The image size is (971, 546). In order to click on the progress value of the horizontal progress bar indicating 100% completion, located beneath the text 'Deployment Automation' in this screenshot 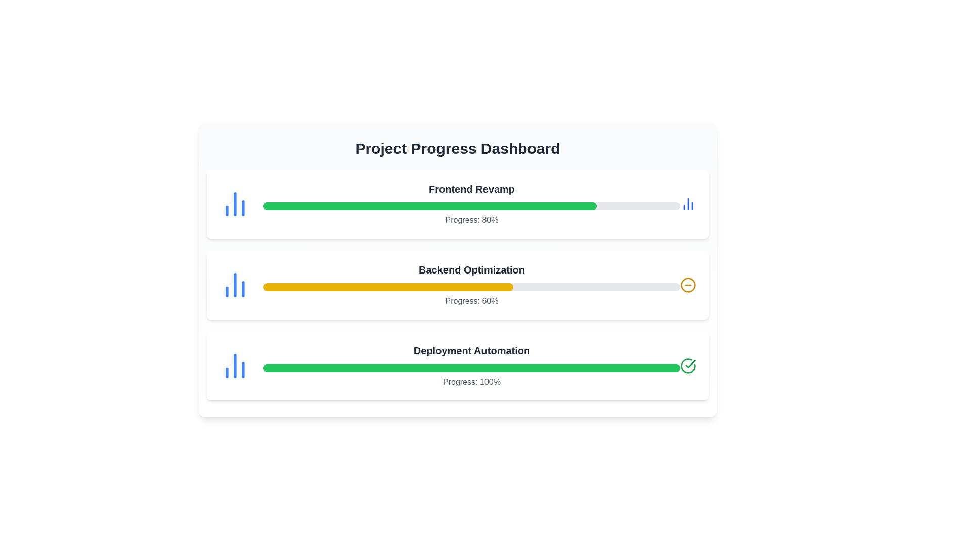, I will do `click(471, 368)`.